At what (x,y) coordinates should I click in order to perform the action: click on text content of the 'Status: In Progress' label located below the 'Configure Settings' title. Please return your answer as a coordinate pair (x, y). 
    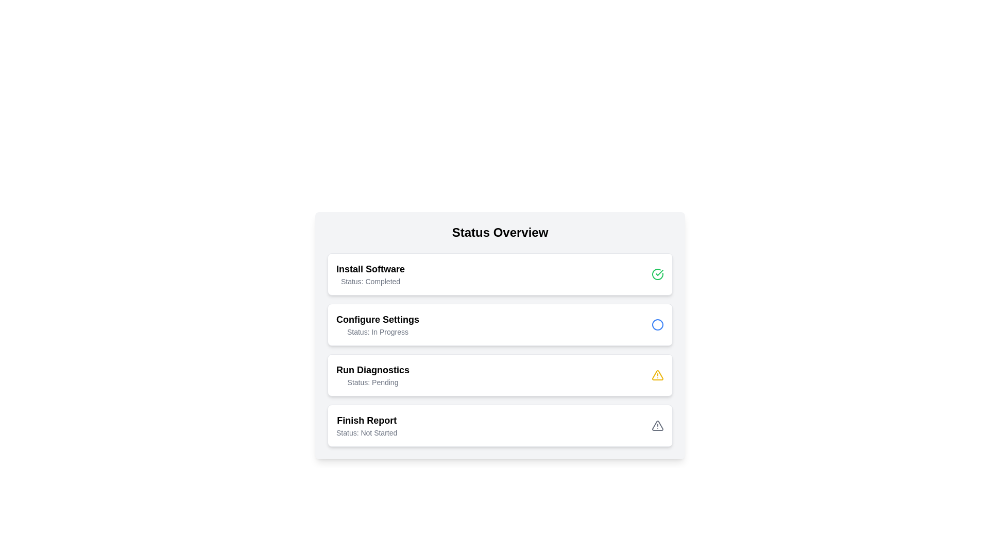
    Looking at the image, I should click on (377, 332).